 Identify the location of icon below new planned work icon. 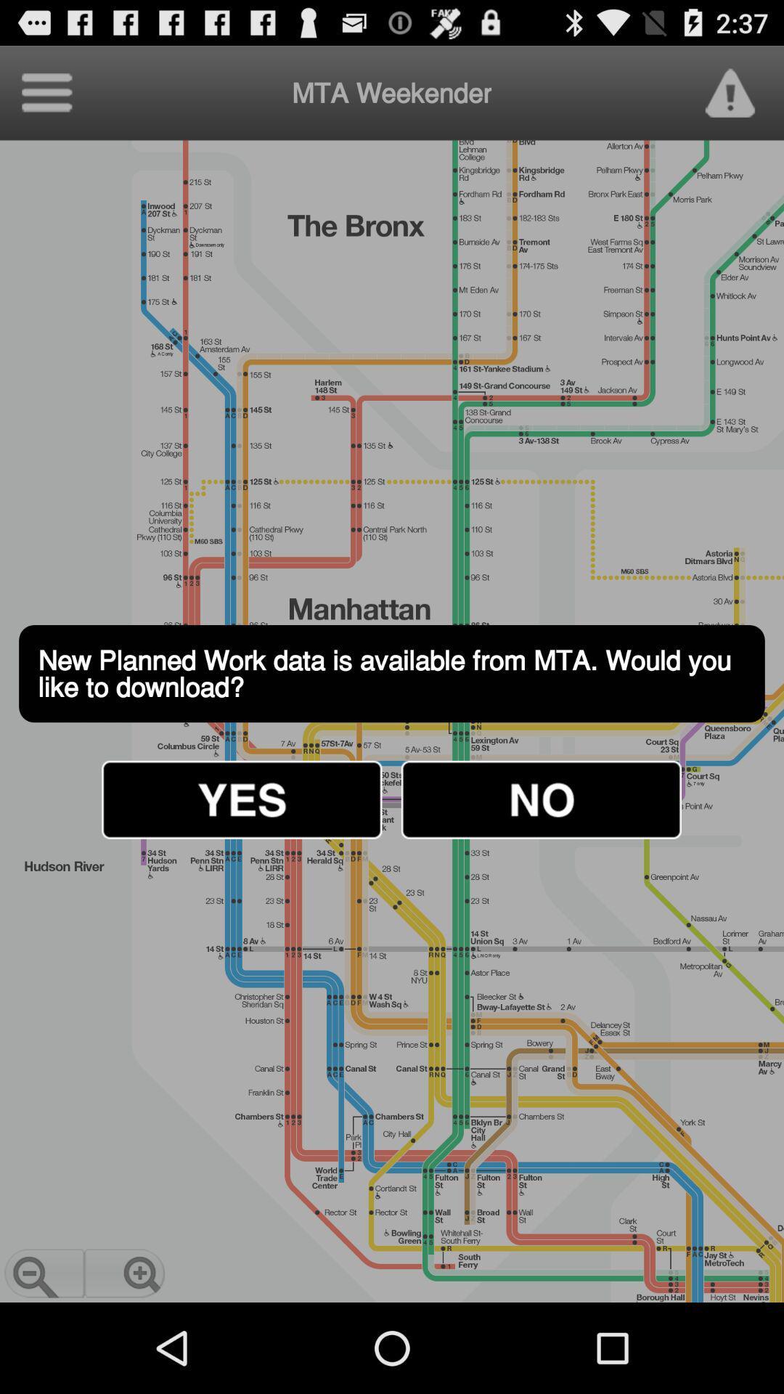
(241, 799).